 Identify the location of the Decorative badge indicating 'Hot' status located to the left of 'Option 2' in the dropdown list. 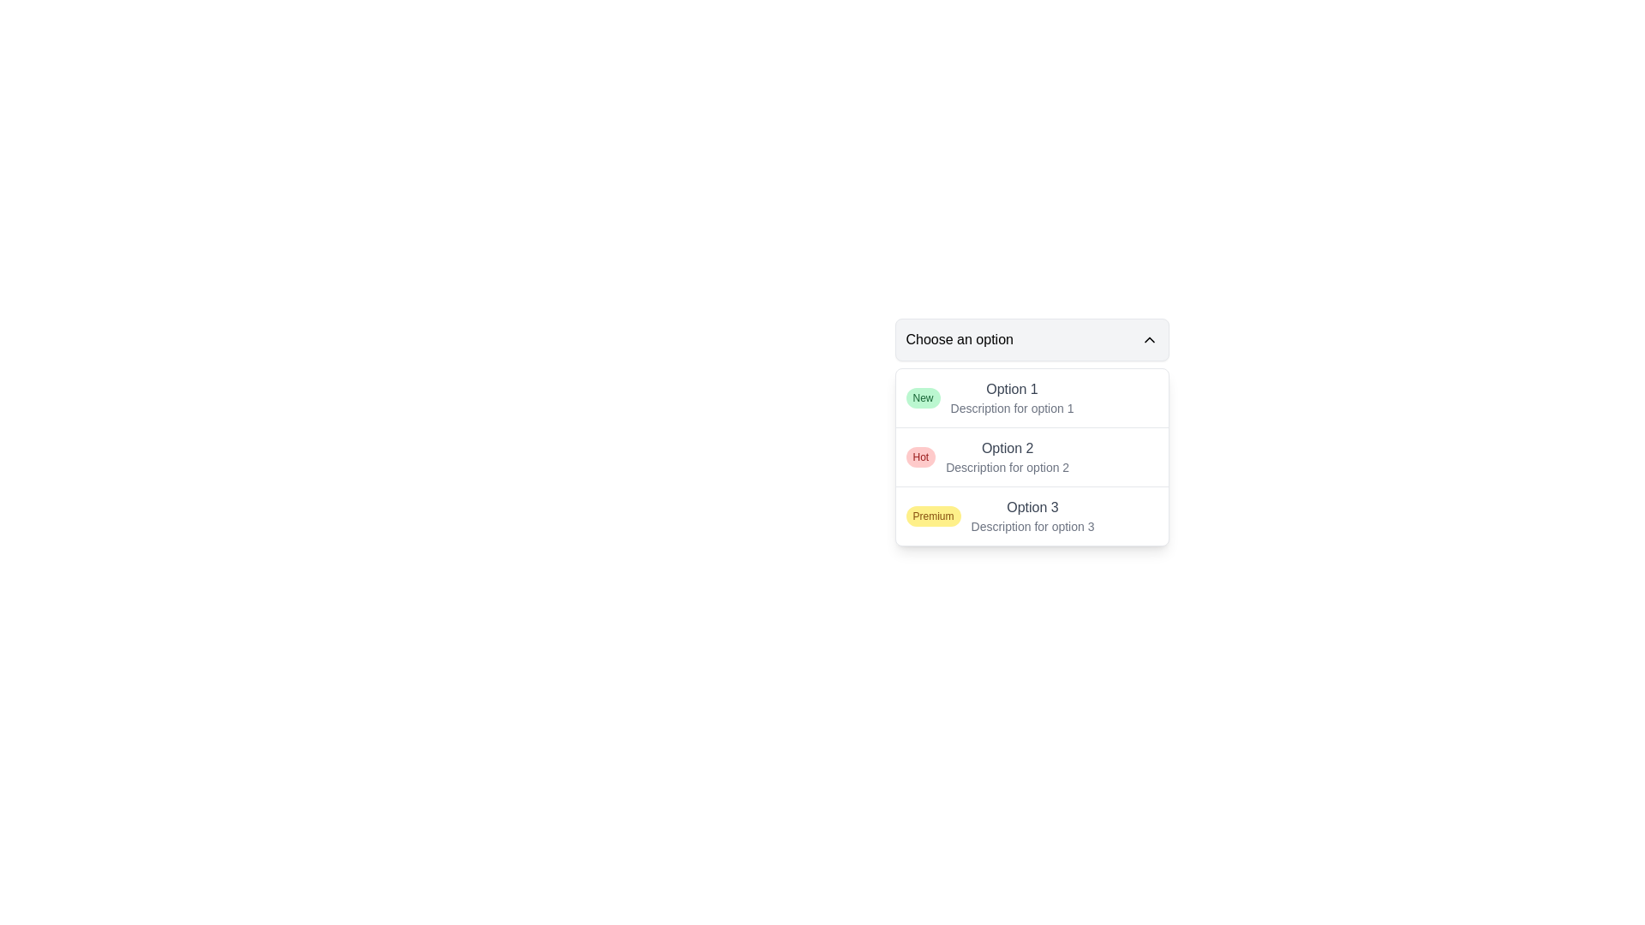
(919, 456).